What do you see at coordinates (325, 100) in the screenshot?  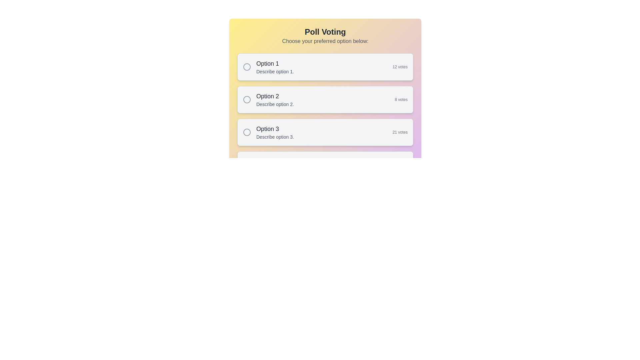 I see `the second selectable list item labeled 'Option 2' in the poll` at bounding box center [325, 100].